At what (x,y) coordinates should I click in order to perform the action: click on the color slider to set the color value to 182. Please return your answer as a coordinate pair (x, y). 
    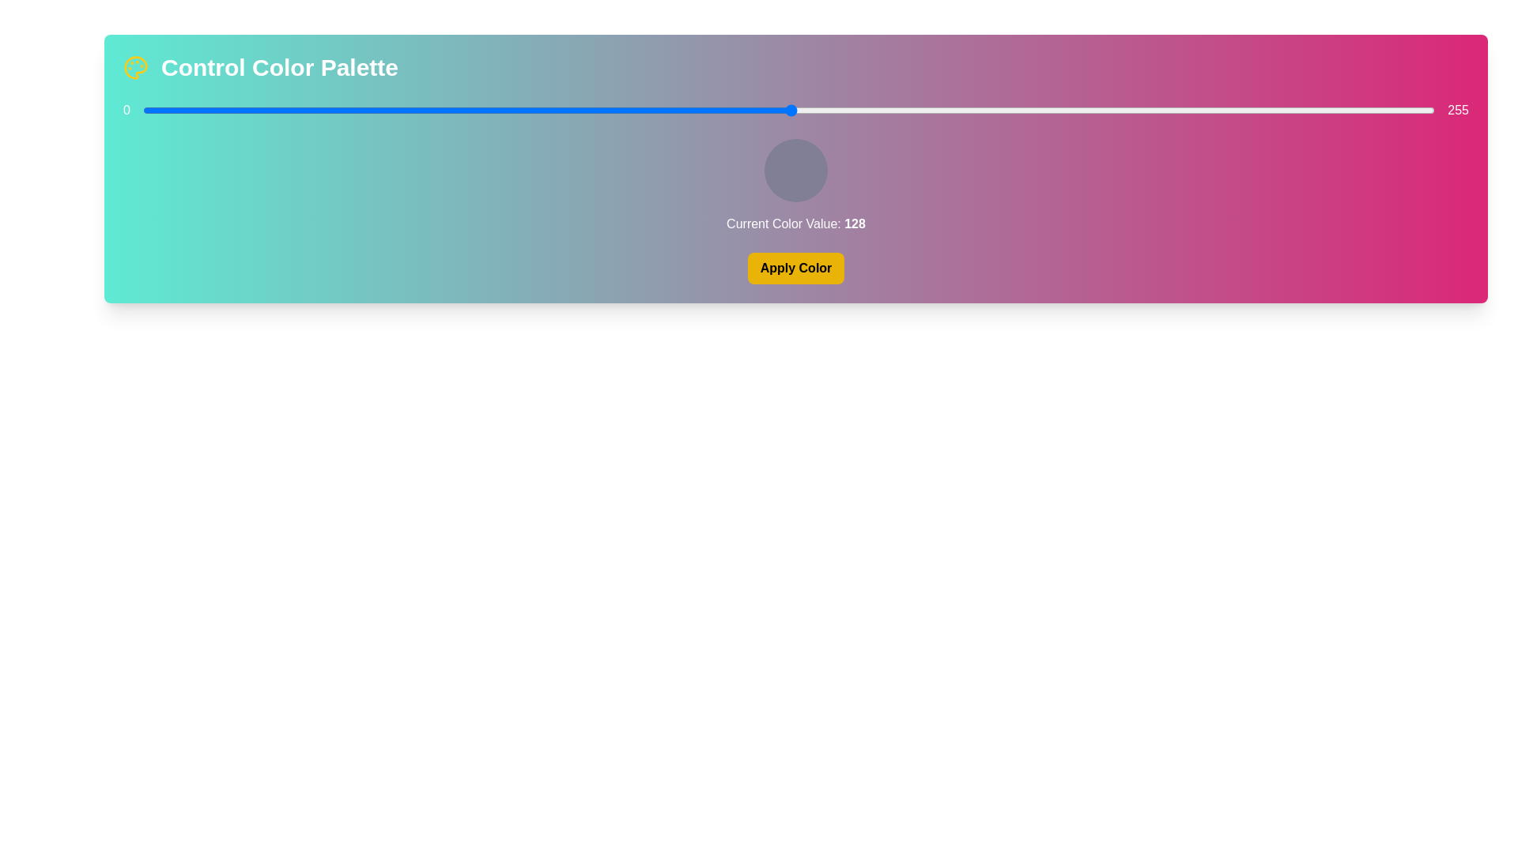
    Looking at the image, I should click on (1065, 109).